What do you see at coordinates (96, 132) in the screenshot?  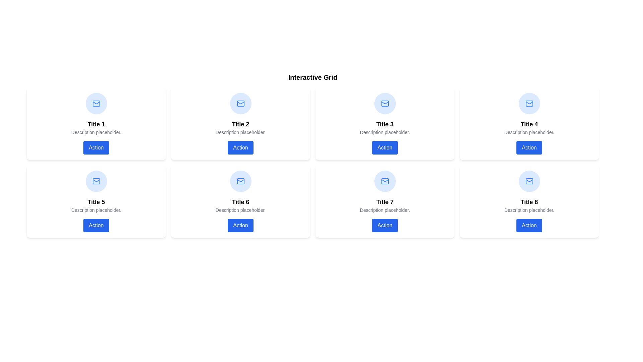 I see `the static text element that displays descriptive information, positioned directly below 'Title 1' and above the 'Action' button in the top-left card of the grid layout` at bounding box center [96, 132].